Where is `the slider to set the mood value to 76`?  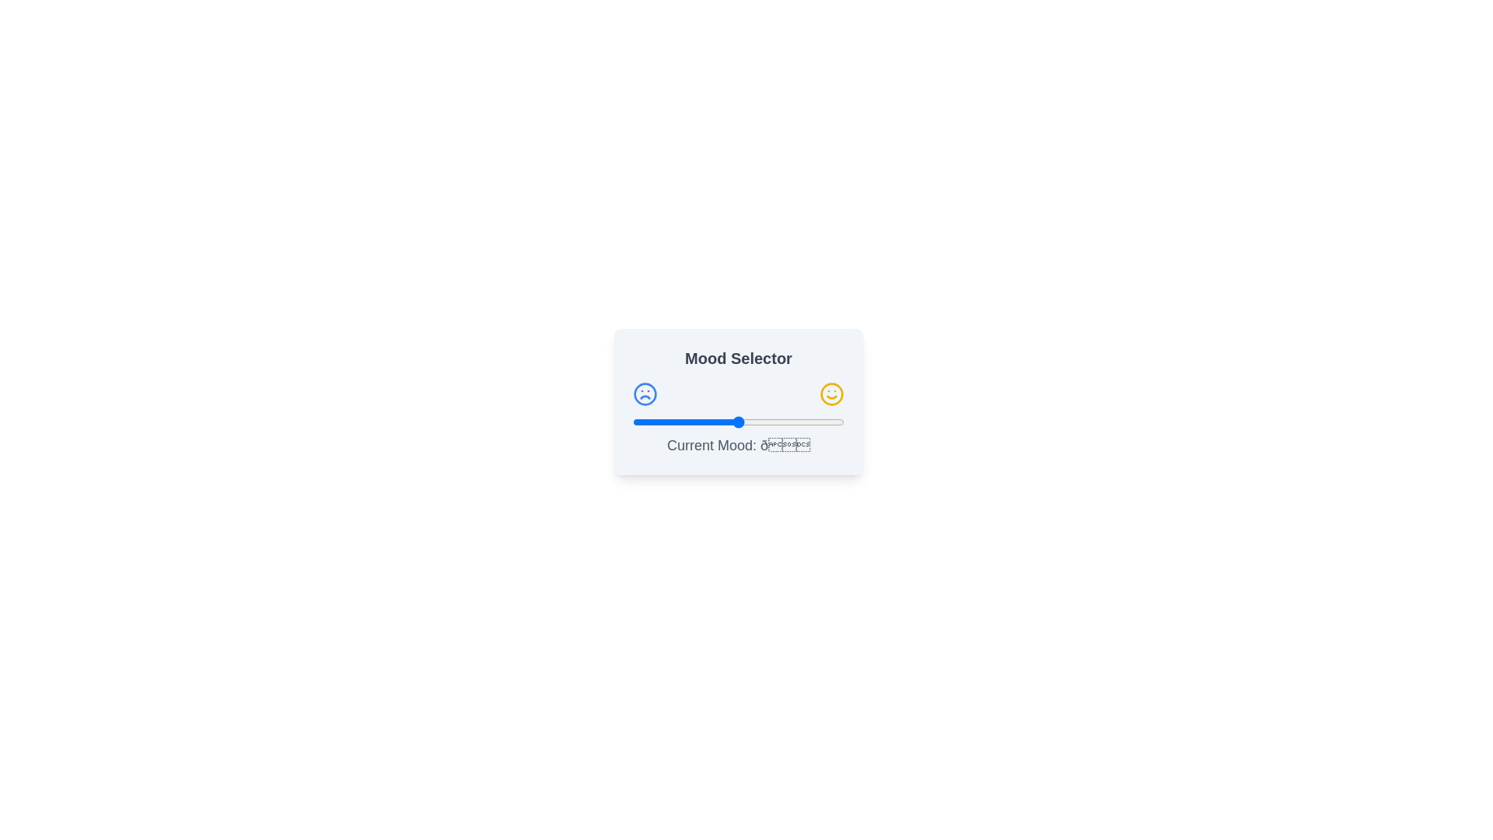 the slider to set the mood value to 76 is located at coordinates (793, 422).